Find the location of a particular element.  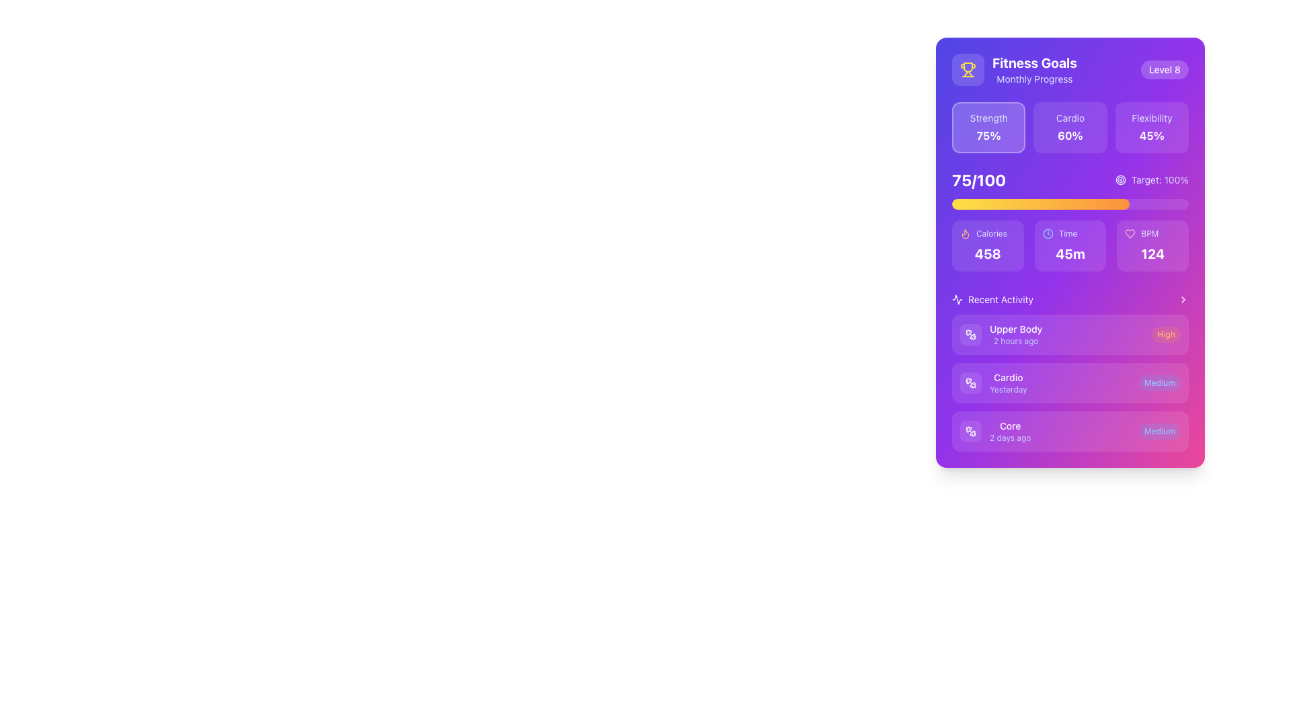

the text label displaying the number '458' in bold white font, which is positioned centrally below the 'Calories' label and flame icon in the caloric information section of the fitness dashboard is located at coordinates (988, 254).